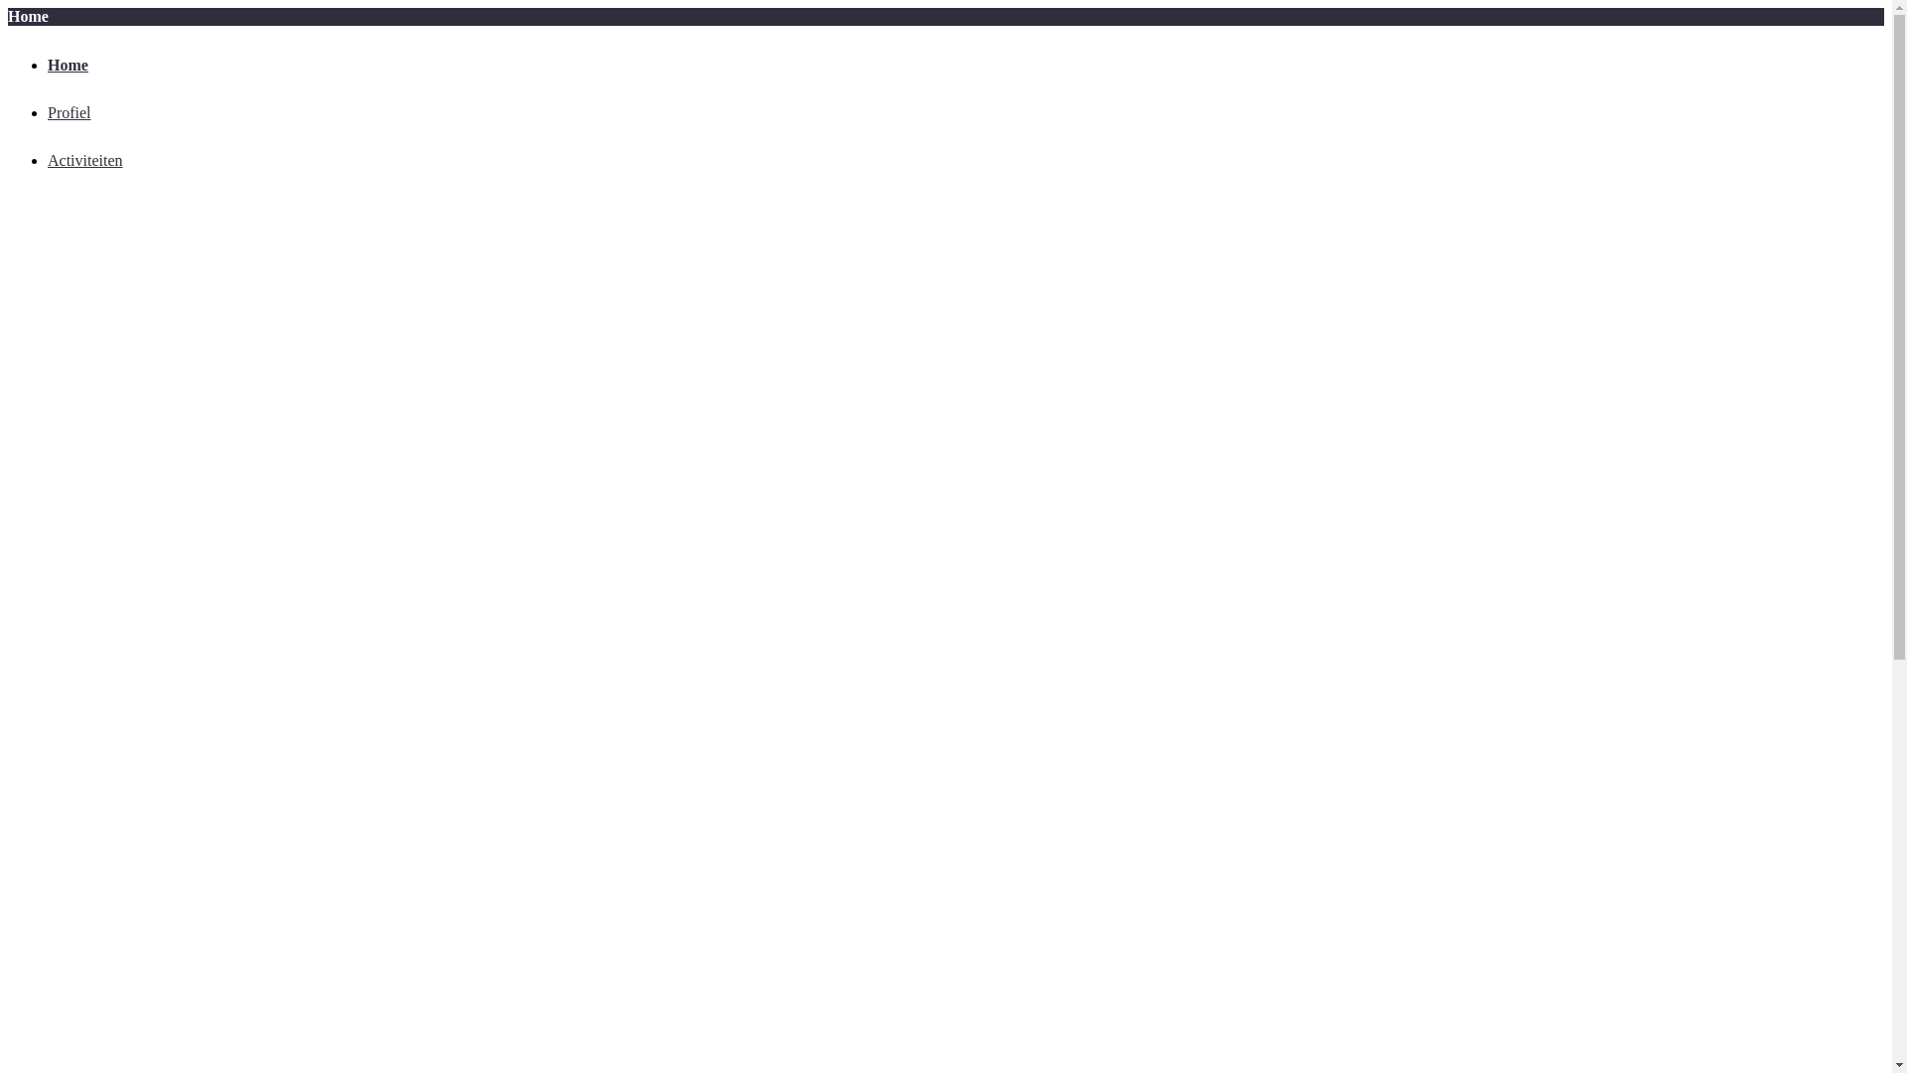 This screenshot has height=1073, width=1907. I want to click on 'Profiel', so click(70, 112).